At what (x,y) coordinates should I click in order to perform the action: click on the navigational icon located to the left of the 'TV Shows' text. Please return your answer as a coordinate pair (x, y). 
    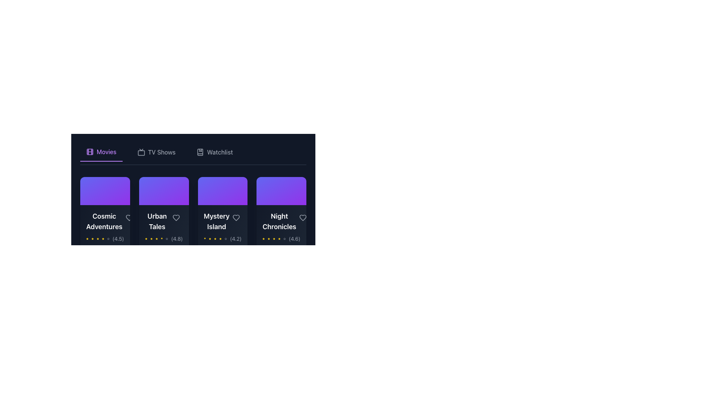
    Looking at the image, I should click on (141, 152).